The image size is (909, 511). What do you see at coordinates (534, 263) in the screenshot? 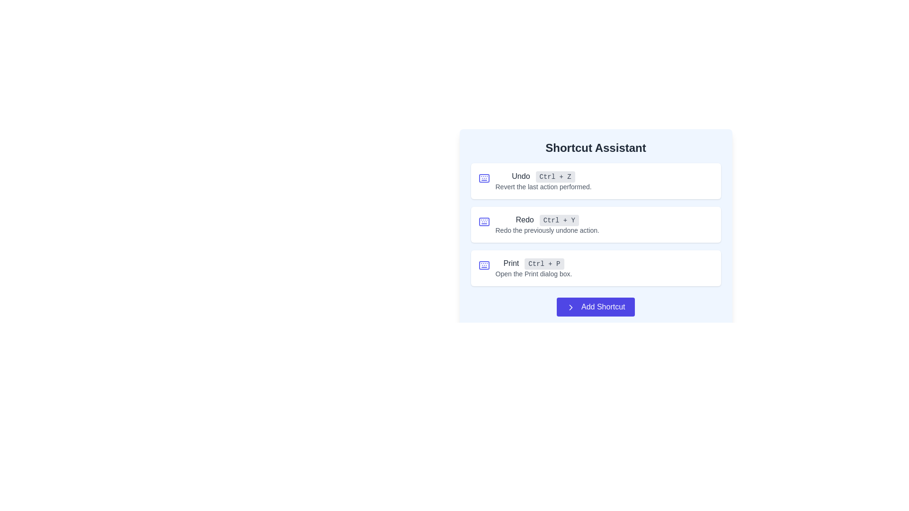
I see `the text label element that informs the user about the 'Print' action and its shortcut, 'Ctrl + P', in the 'Shortcut Assistant' interface` at bounding box center [534, 263].